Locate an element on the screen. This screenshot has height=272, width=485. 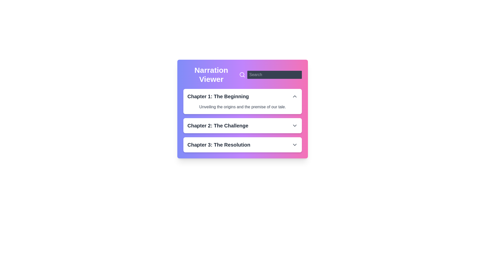
content displayed in the descriptive introduction text box located immediately below the title 'Chapter 1: The Beginning', which is contained within a light-colored box with rounded corners and is positioned centrally in the interface is located at coordinates (243, 107).